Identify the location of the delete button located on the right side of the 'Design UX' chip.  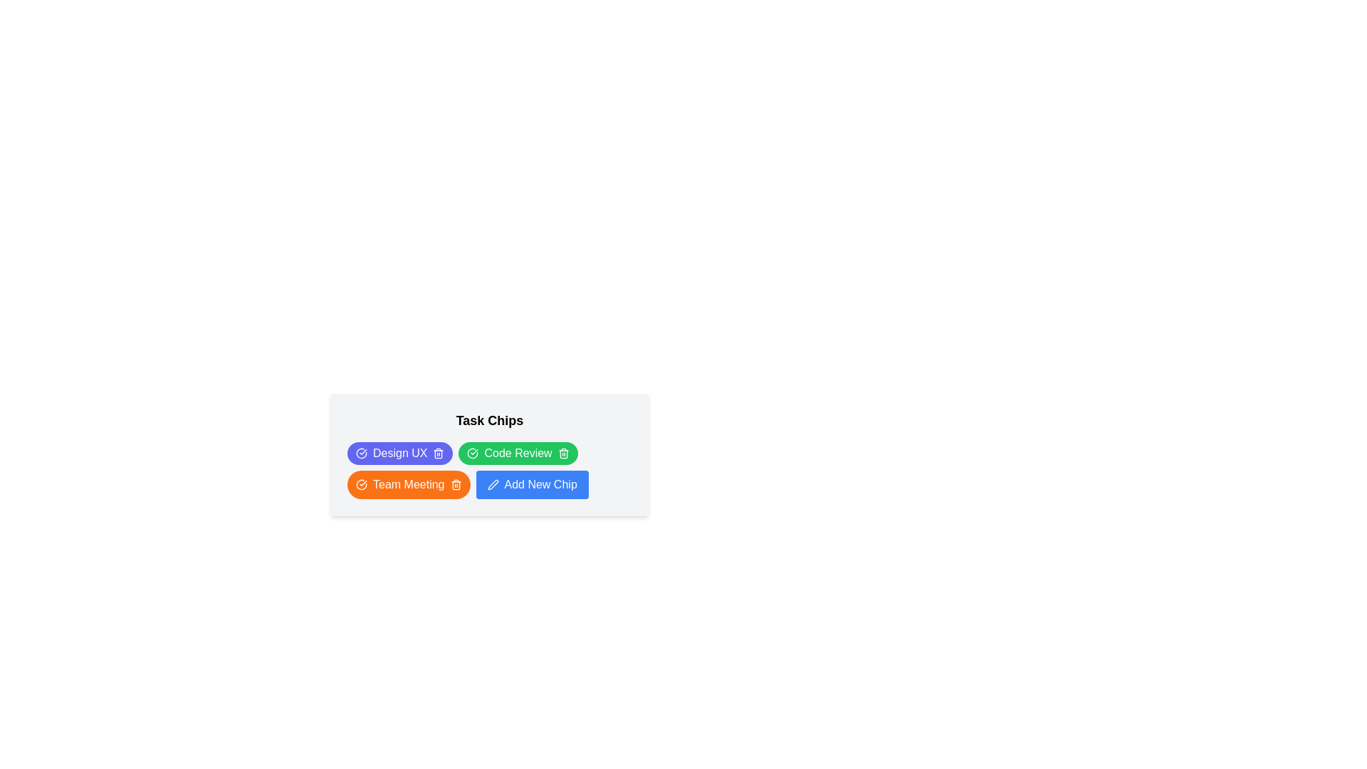
(438, 453).